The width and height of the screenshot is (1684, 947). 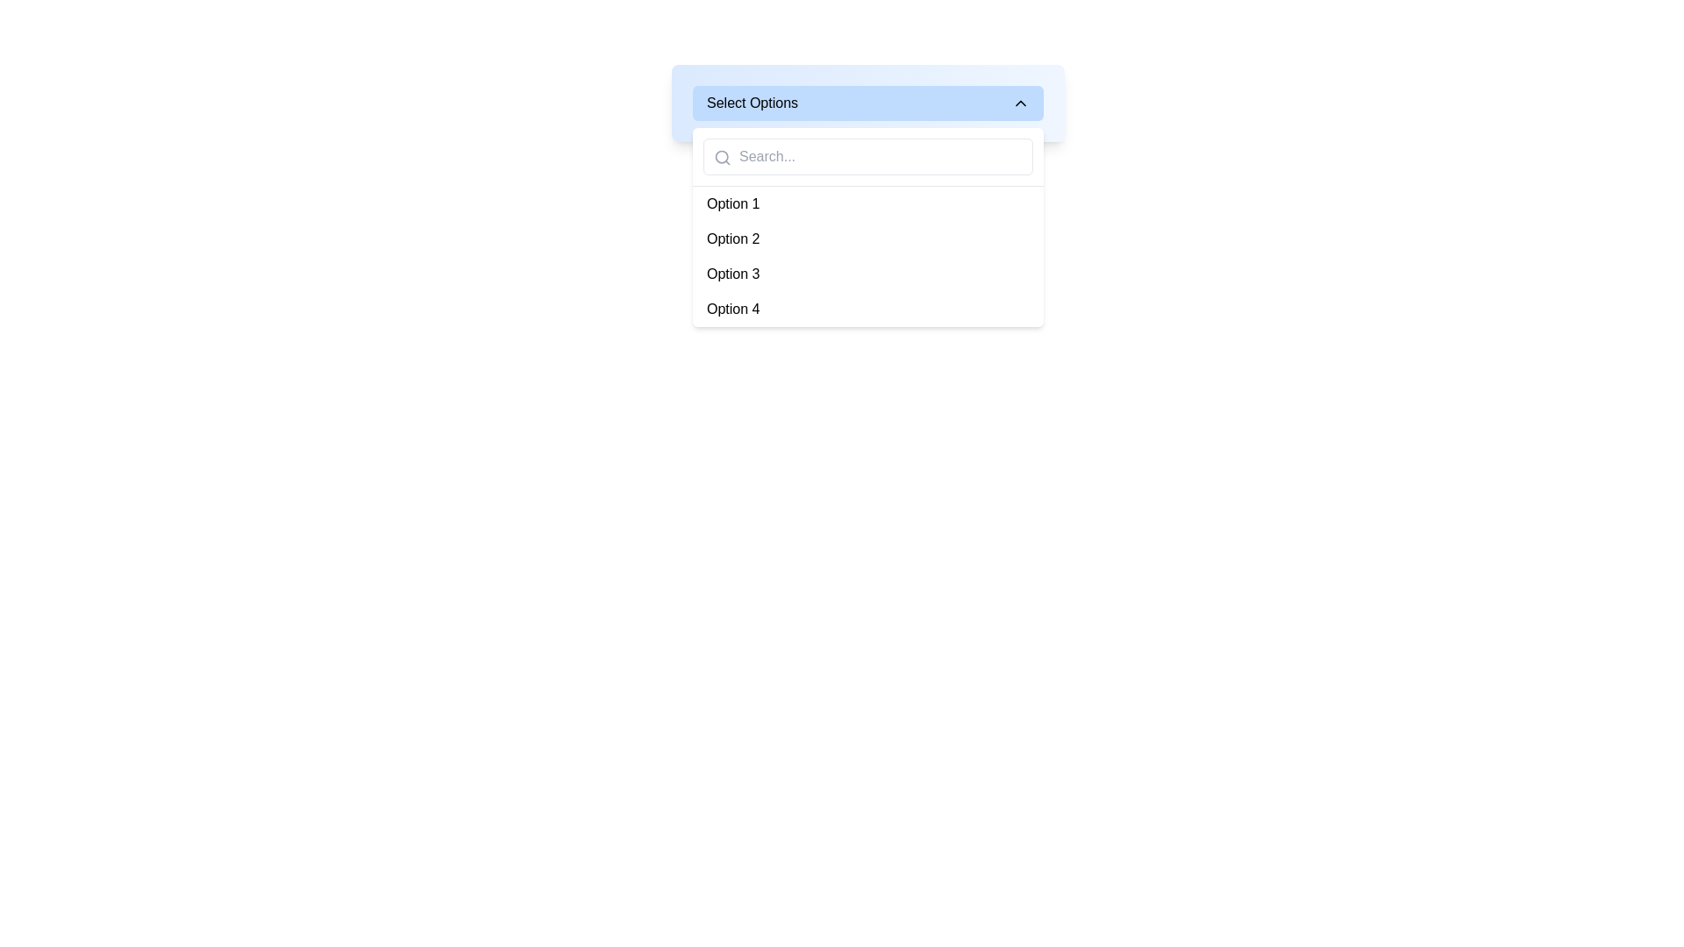 What do you see at coordinates (867, 226) in the screenshot?
I see `an option in the dropdown menu with integrated search functionality located directly below the 'Select Options' button` at bounding box center [867, 226].